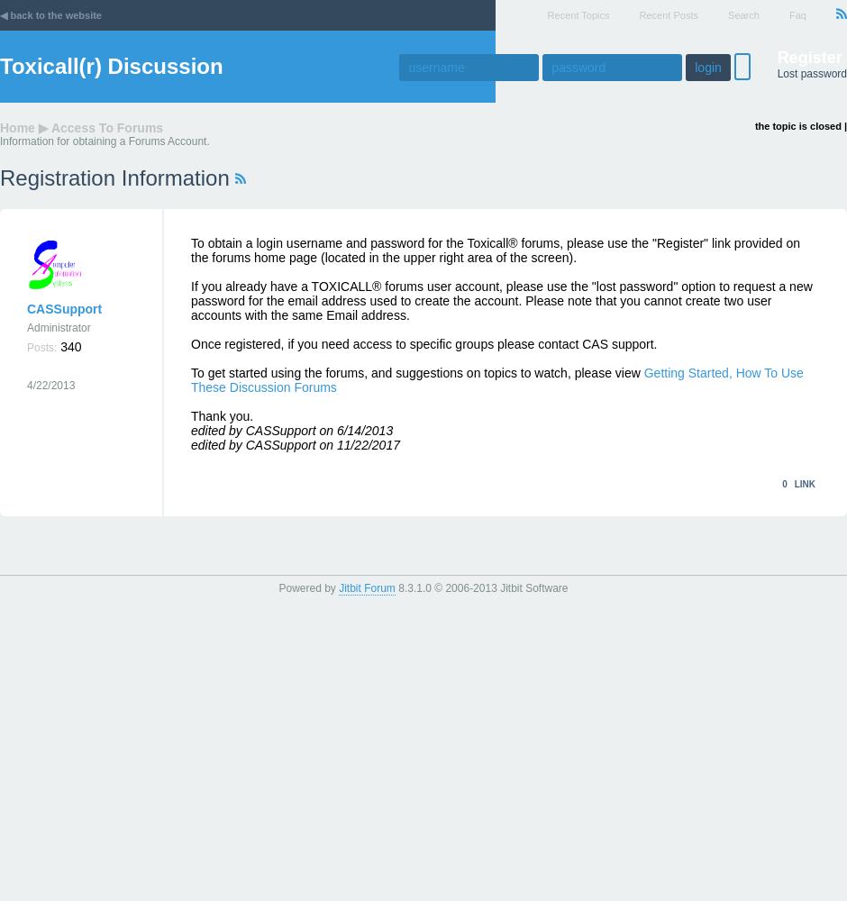 This screenshot has width=847, height=901. What do you see at coordinates (26, 386) in the screenshot?
I see `'4/22/2013'` at bounding box center [26, 386].